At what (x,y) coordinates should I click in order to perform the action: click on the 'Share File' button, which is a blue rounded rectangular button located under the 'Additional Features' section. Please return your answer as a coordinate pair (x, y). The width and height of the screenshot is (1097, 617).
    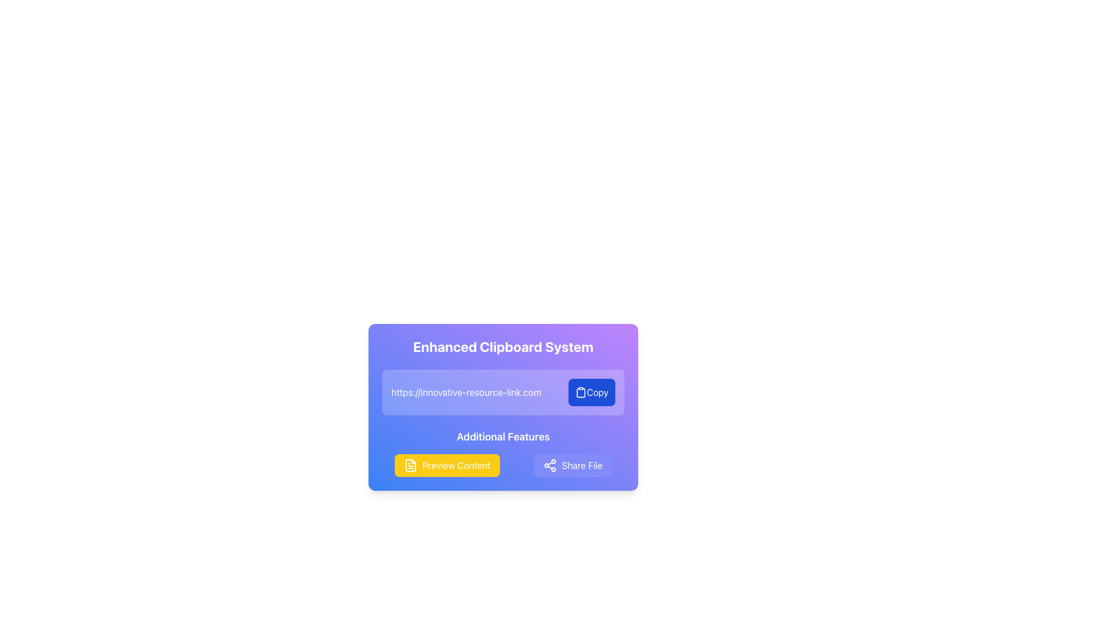
    Looking at the image, I should click on (573, 465).